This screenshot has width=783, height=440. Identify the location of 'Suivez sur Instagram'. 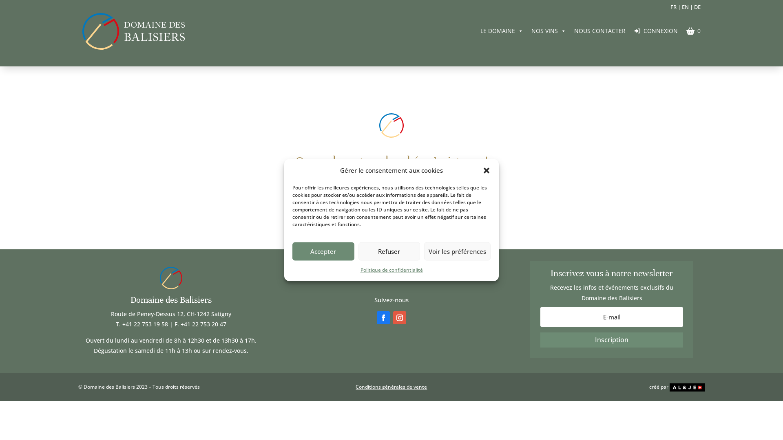
(399, 317).